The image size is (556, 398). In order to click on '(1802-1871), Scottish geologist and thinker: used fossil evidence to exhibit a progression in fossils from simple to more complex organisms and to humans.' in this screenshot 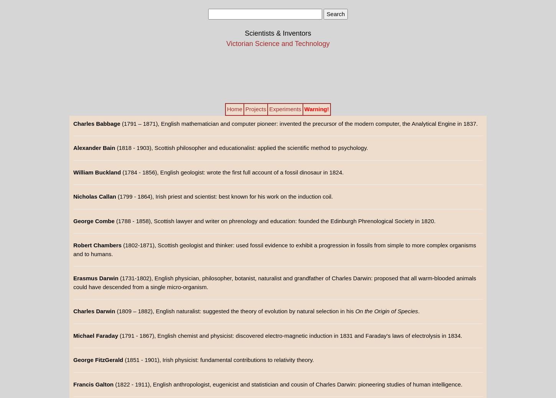, I will do `click(274, 249)`.